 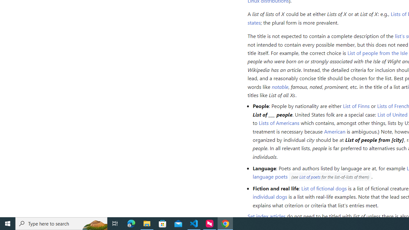 What do you see at coordinates (334, 131) in the screenshot?
I see `'American'` at bounding box center [334, 131].